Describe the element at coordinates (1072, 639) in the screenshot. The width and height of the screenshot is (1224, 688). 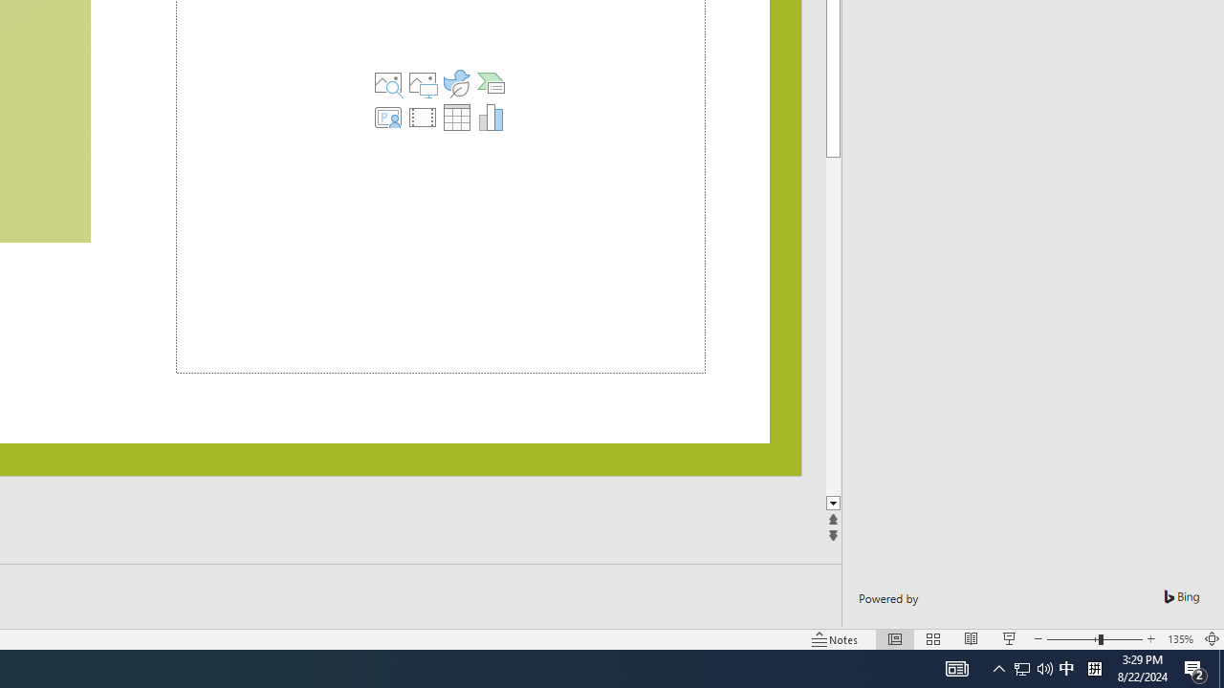
I see `'Zoom Out'` at that location.